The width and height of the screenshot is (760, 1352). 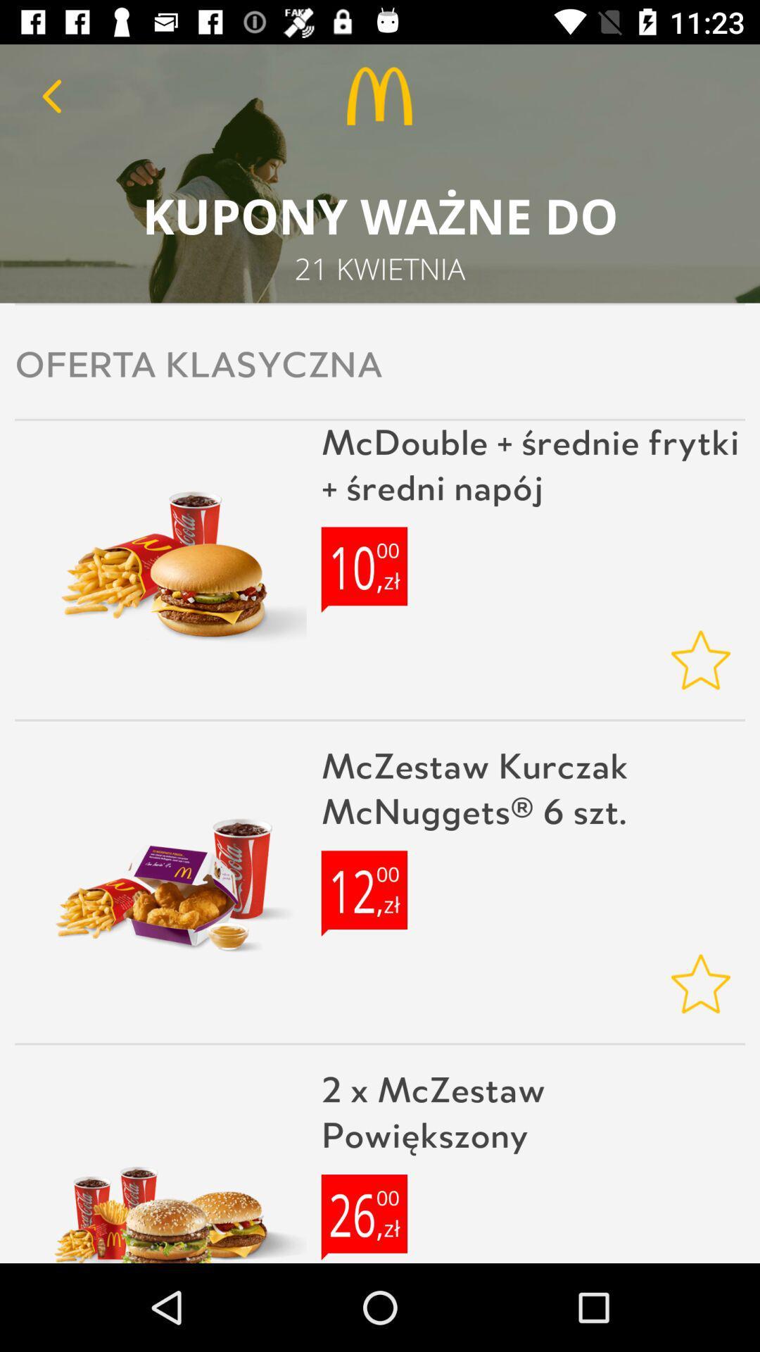 What do you see at coordinates (700, 659) in the screenshot?
I see `rating botton` at bounding box center [700, 659].